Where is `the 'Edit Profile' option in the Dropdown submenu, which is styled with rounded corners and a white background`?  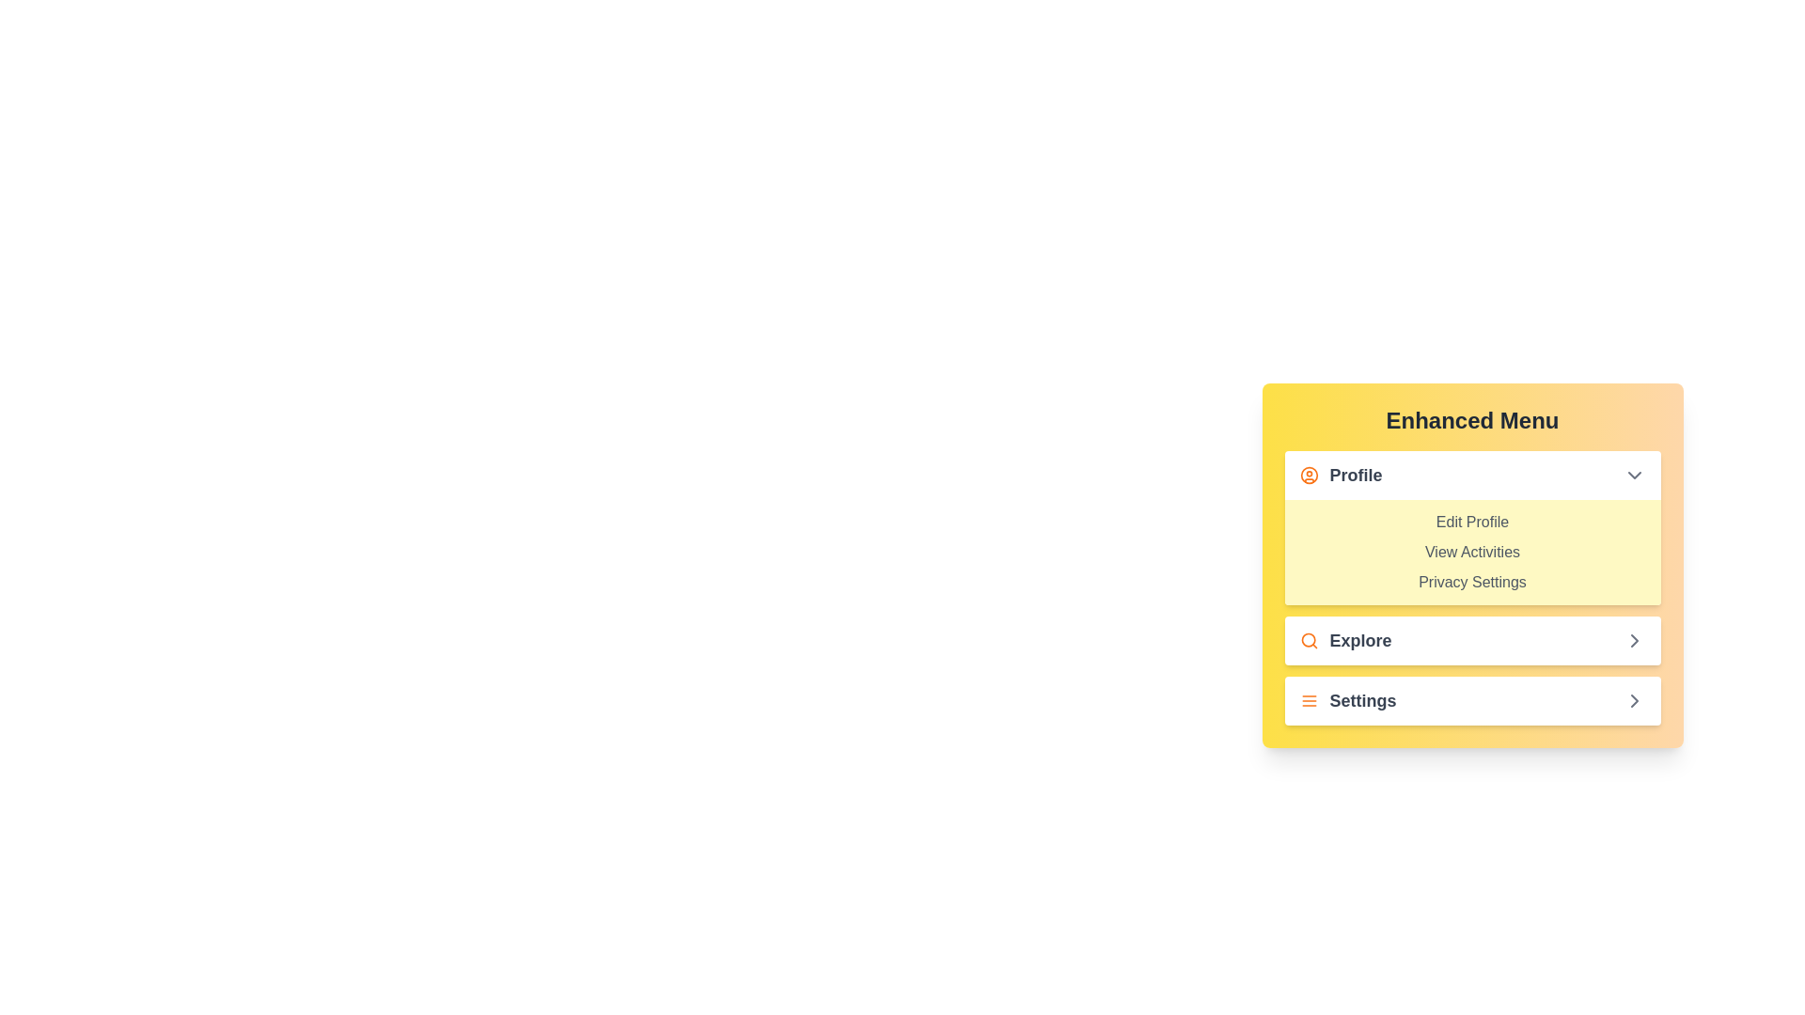 the 'Edit Profile' option in the Dropdown submenu, which is styled with rounded corners and a white background is located at coordinates (1471, 528).